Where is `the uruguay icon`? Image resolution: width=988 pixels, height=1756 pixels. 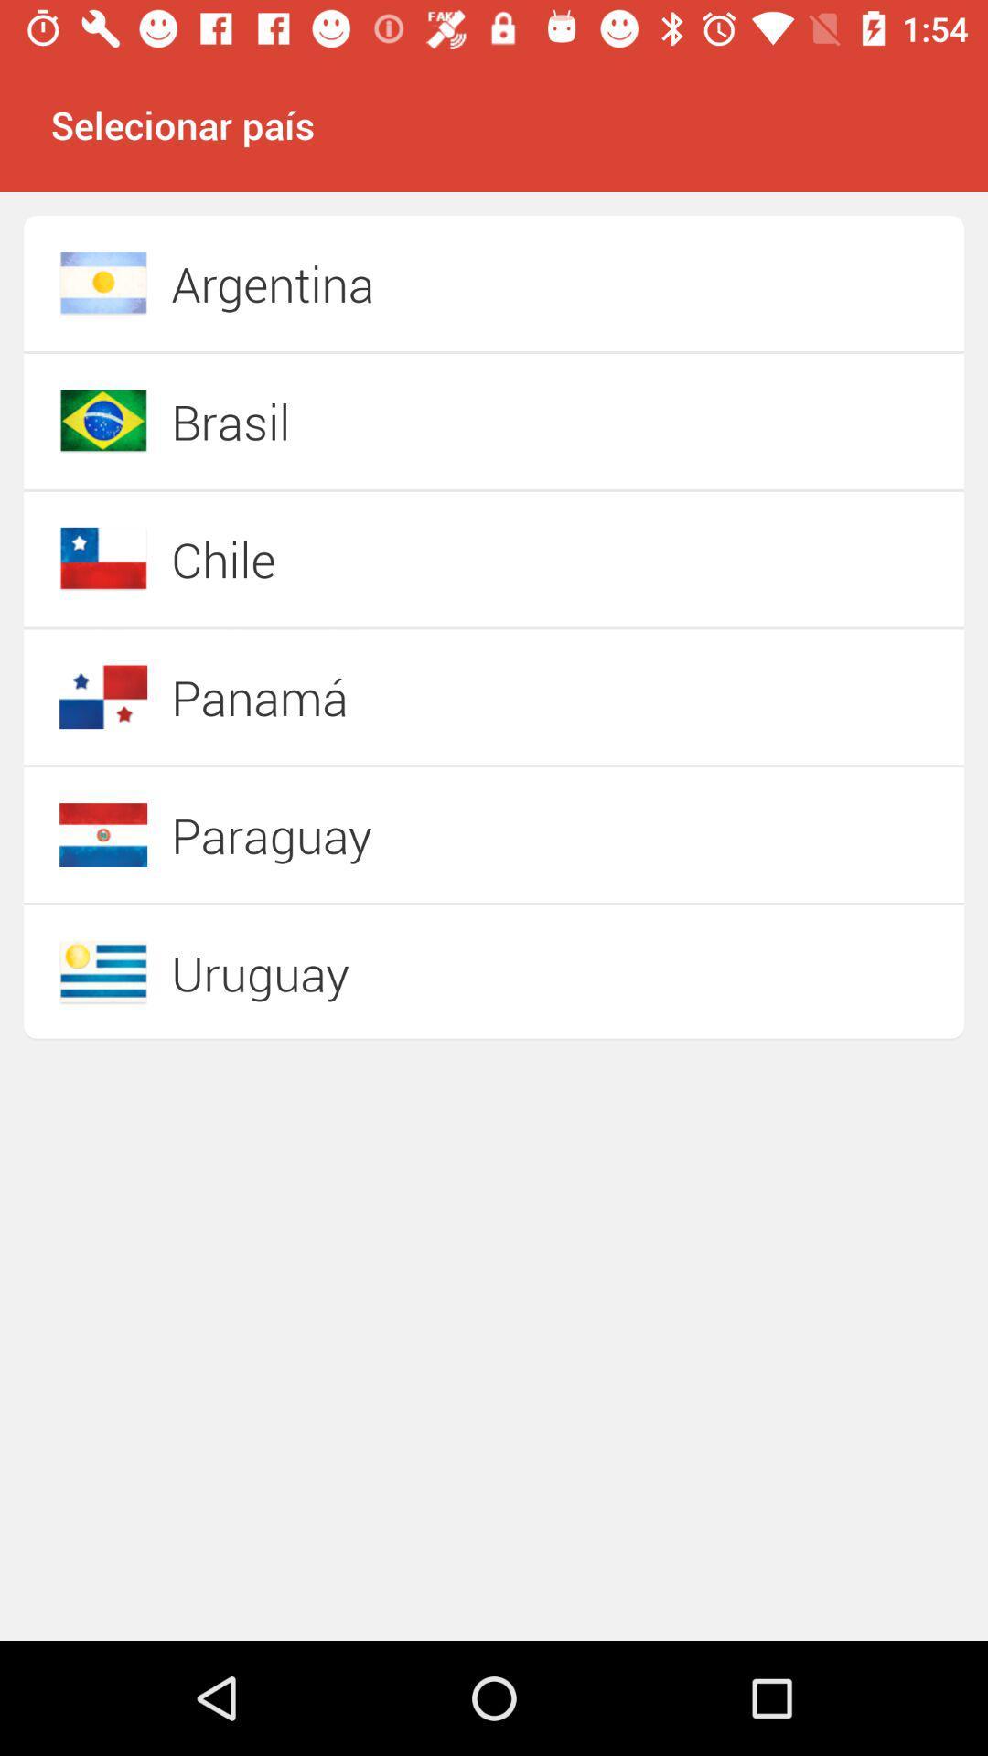
the uruguay icon is located at coordinates (429, 971).